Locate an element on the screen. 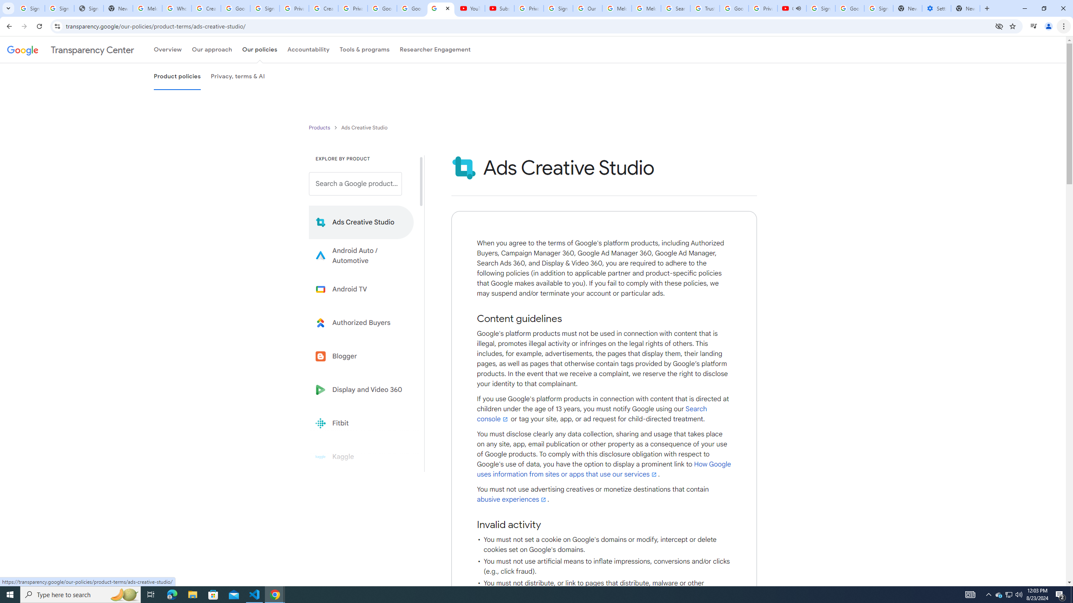 This screenshot has width=1073, height=603. 'Blogger' is located at coordinates (361, 356).